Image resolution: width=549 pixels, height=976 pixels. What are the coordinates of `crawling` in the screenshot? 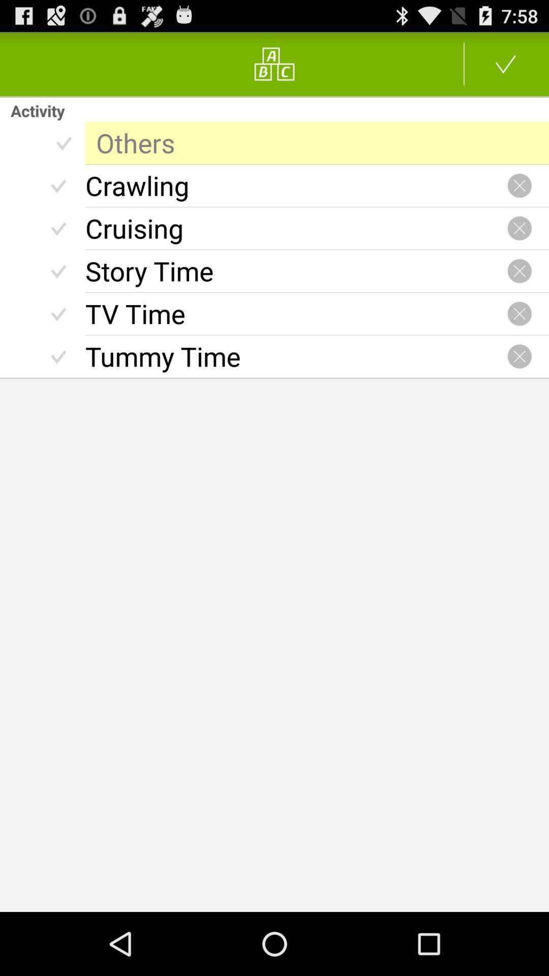 It's located at (296, 186).